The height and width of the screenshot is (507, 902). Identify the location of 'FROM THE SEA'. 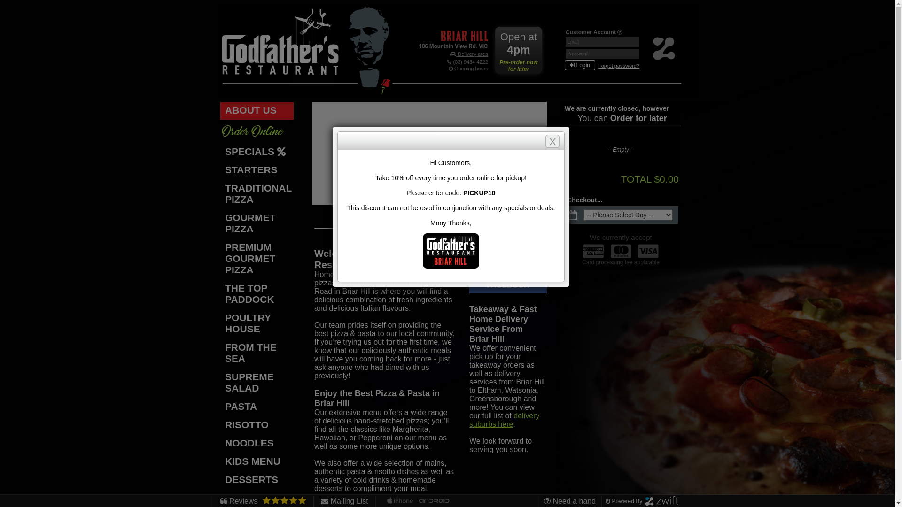
(257, 353).